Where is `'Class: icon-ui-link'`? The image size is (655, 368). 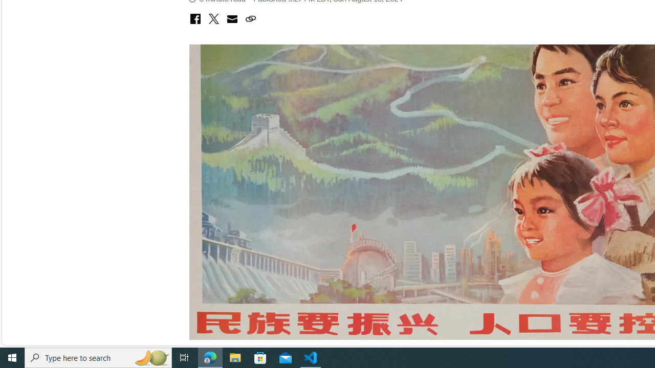
'Class: icon-ui-link' is located at coordinates (250, 19).